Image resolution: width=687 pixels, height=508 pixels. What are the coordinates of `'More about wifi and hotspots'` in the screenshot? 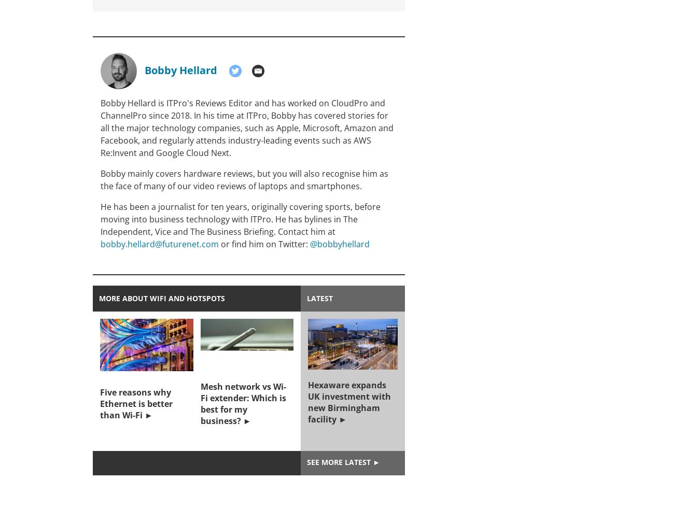 It's located at (161, 298).